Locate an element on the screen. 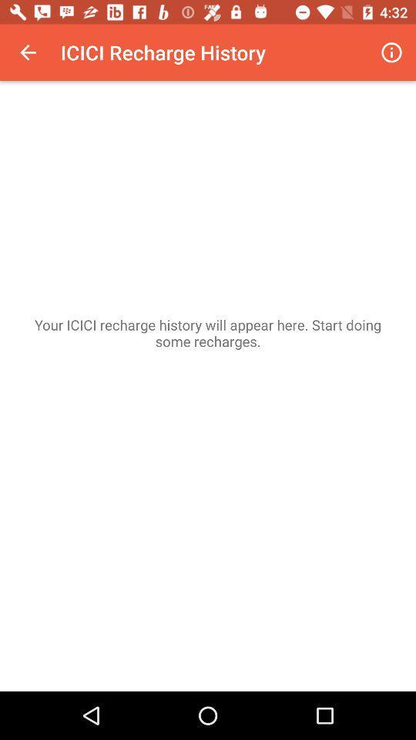 This screenshot has height=740, width=416. the item to the right of icici recharge history icon is located at coordinates (391, 52).